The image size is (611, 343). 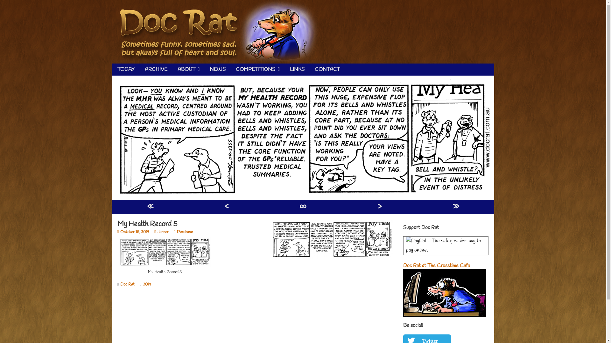 I want to click on 'Purchase', so click(x=174, y=232).